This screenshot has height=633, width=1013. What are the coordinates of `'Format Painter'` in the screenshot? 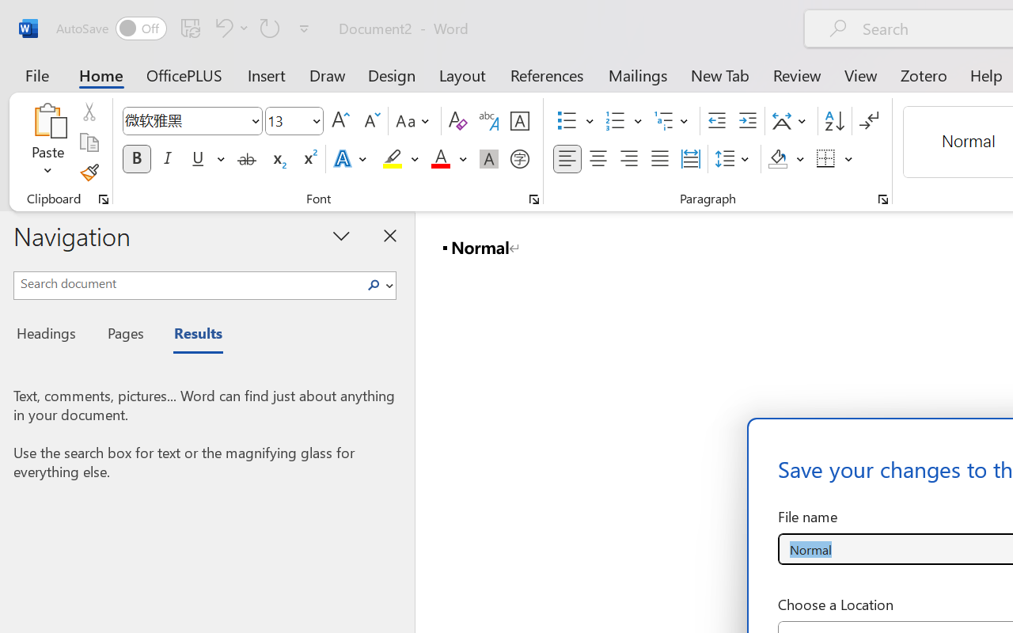 It's located at (88, 172).